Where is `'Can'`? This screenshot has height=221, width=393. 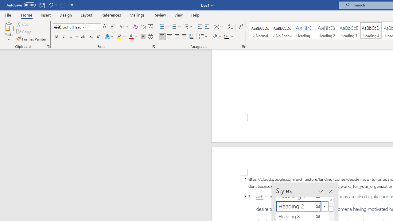 'Can' is located at coordinates (63, 5).